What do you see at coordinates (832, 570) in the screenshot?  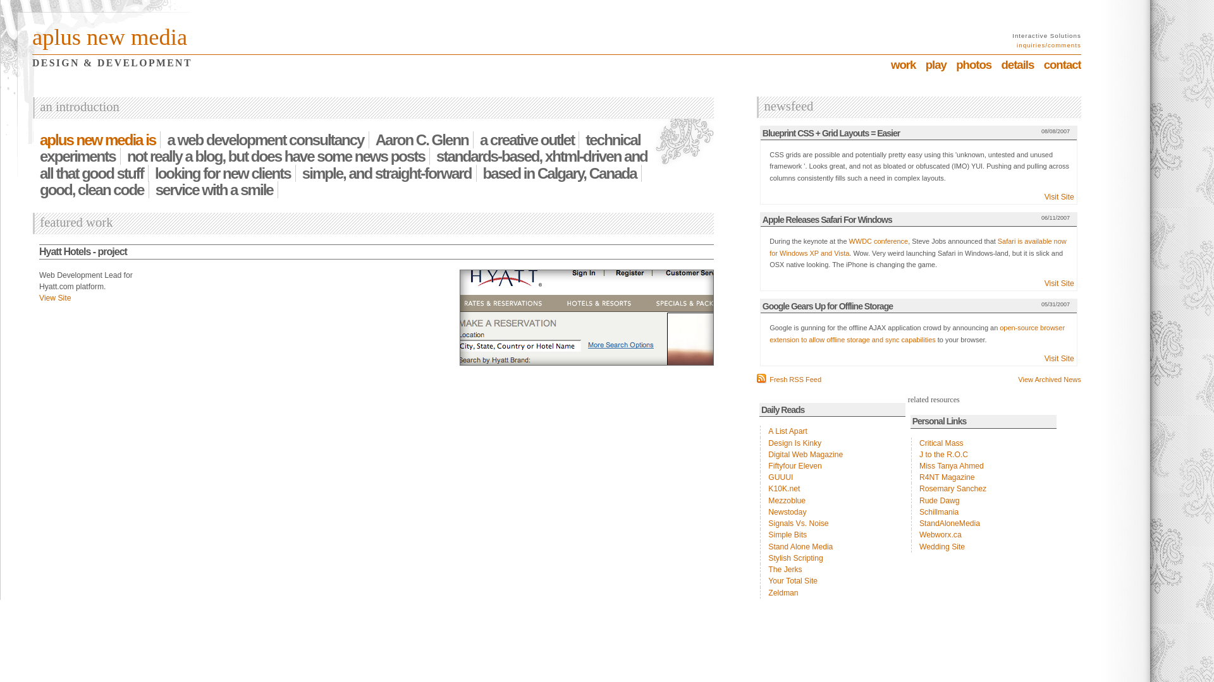 I see `'The Jerks'` at bounding box center [832, 570].